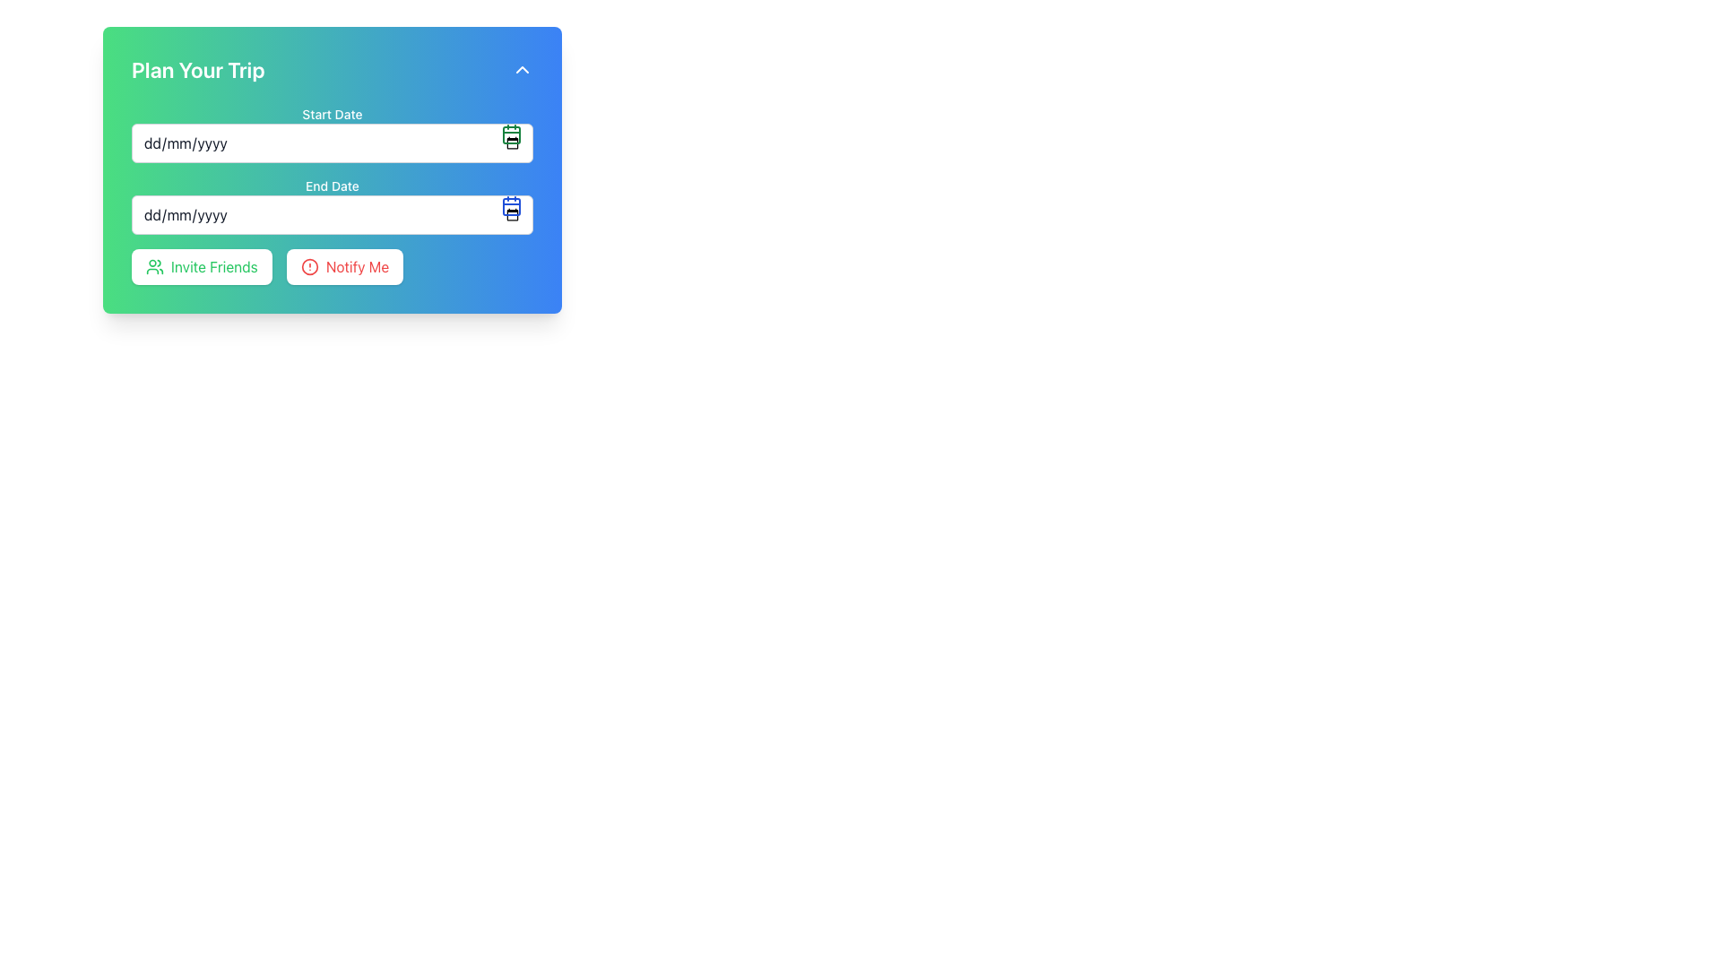 The image size is (1721, 968). Describe the element at coordinates (332, 266) in the screenshot. I see `the 'Invite Friends' or 'Notify Me' button in the button group located at the bottom of the 'Plan Your Trip' panel` at that location.